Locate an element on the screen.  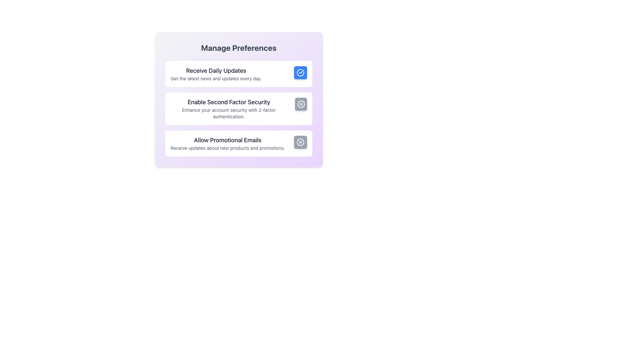
the descriptive subtitle text that explains the 'Receive Daily Updates' option, which is positioned directly below the heading in the interface is located at coordinates (216, 78).